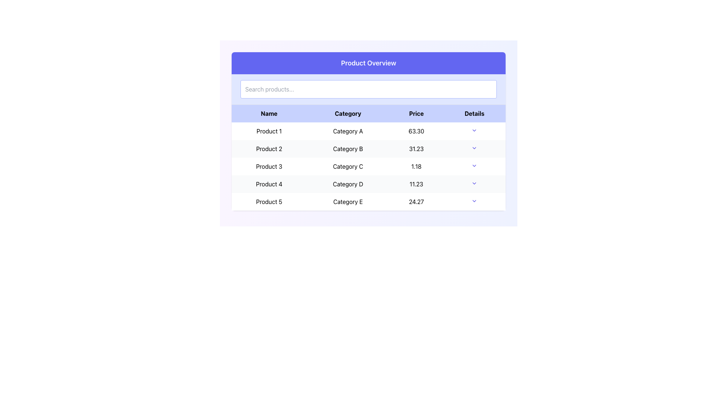  I want to click on the downward-pointing indigo chevron icon located in the 'Details' column of the first row of the table, so click(474, 130).